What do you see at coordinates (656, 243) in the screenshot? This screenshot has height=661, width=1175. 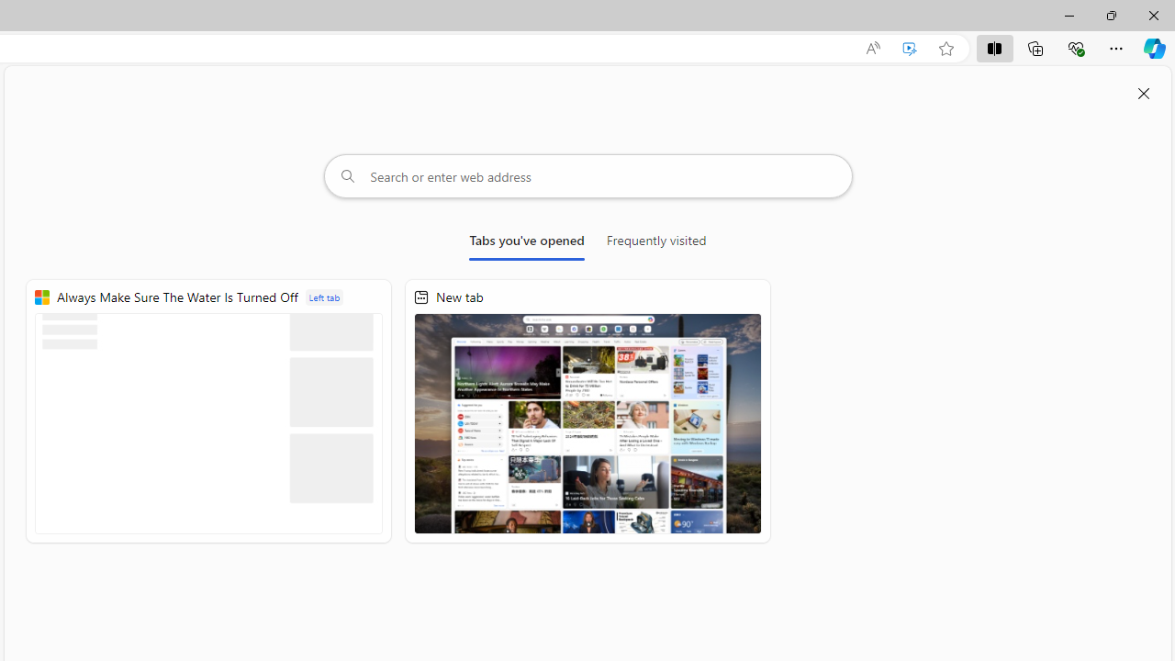 I see `'Frequently visited'` at bounding box center [656, 243].